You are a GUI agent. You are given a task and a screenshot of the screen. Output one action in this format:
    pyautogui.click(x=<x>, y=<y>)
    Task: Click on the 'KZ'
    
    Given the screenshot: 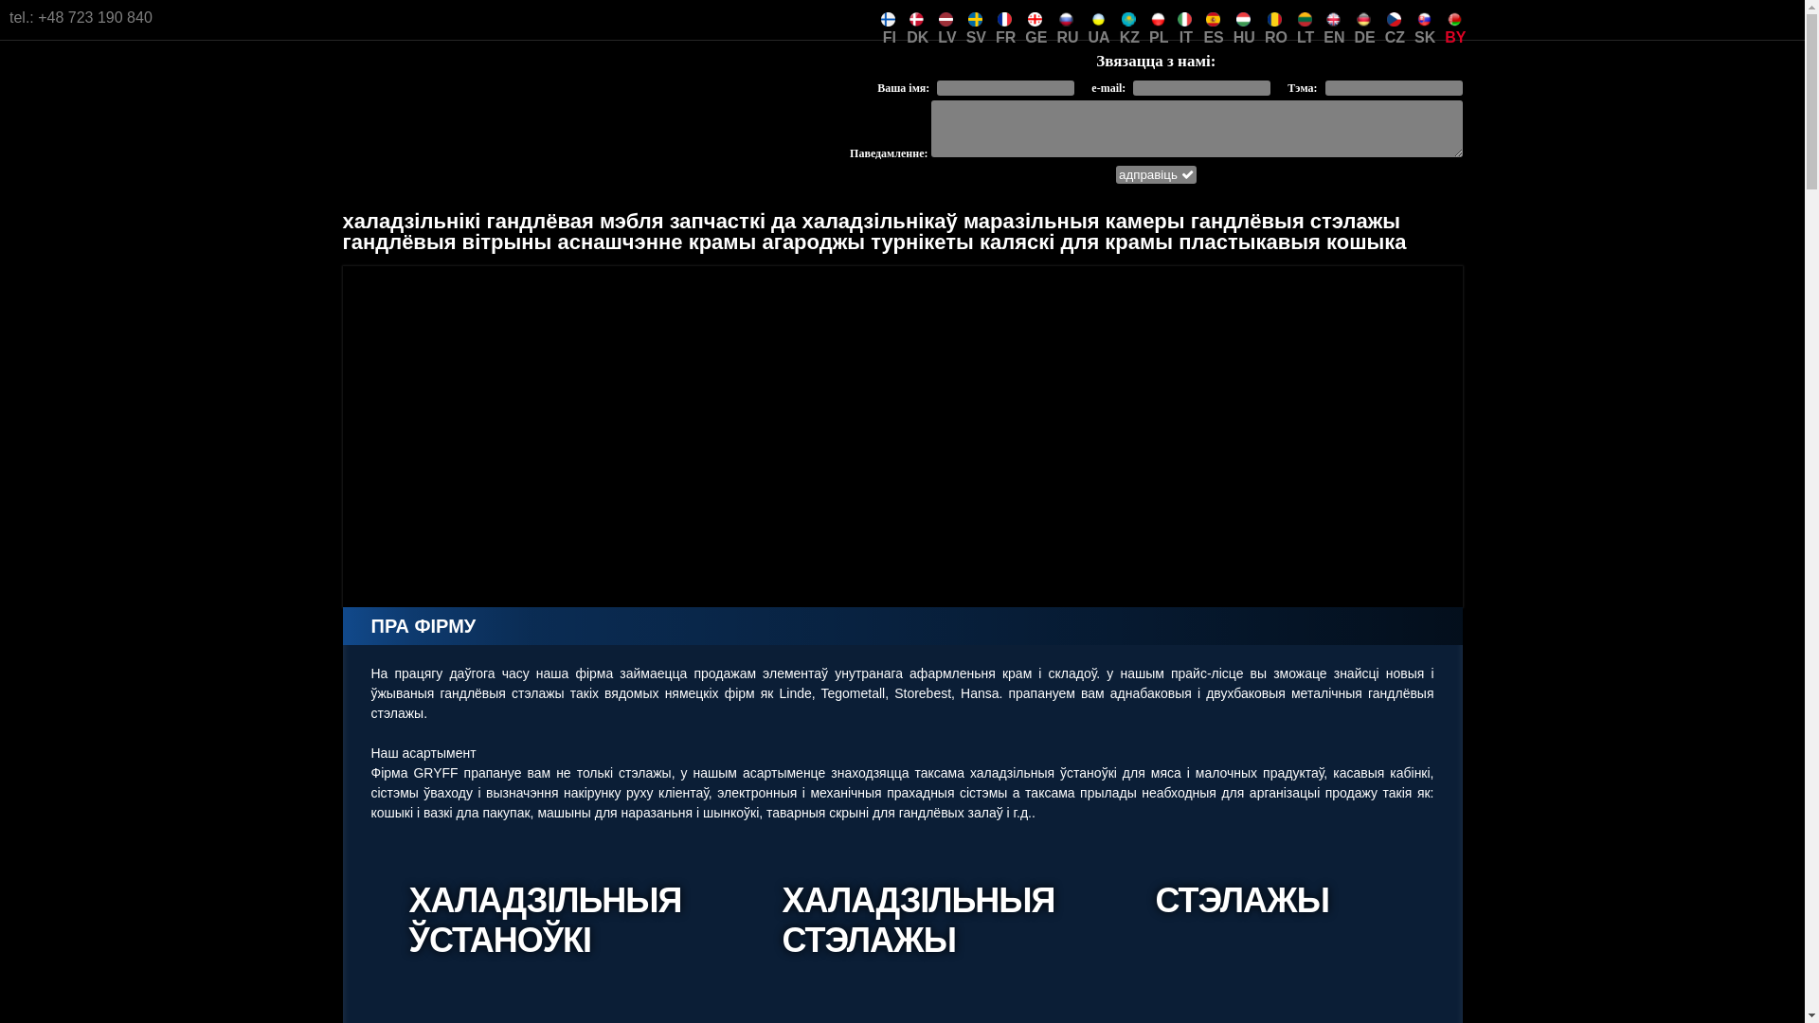 What is the action you would take?
    pyautogui.click(x=1129, y=18)
    